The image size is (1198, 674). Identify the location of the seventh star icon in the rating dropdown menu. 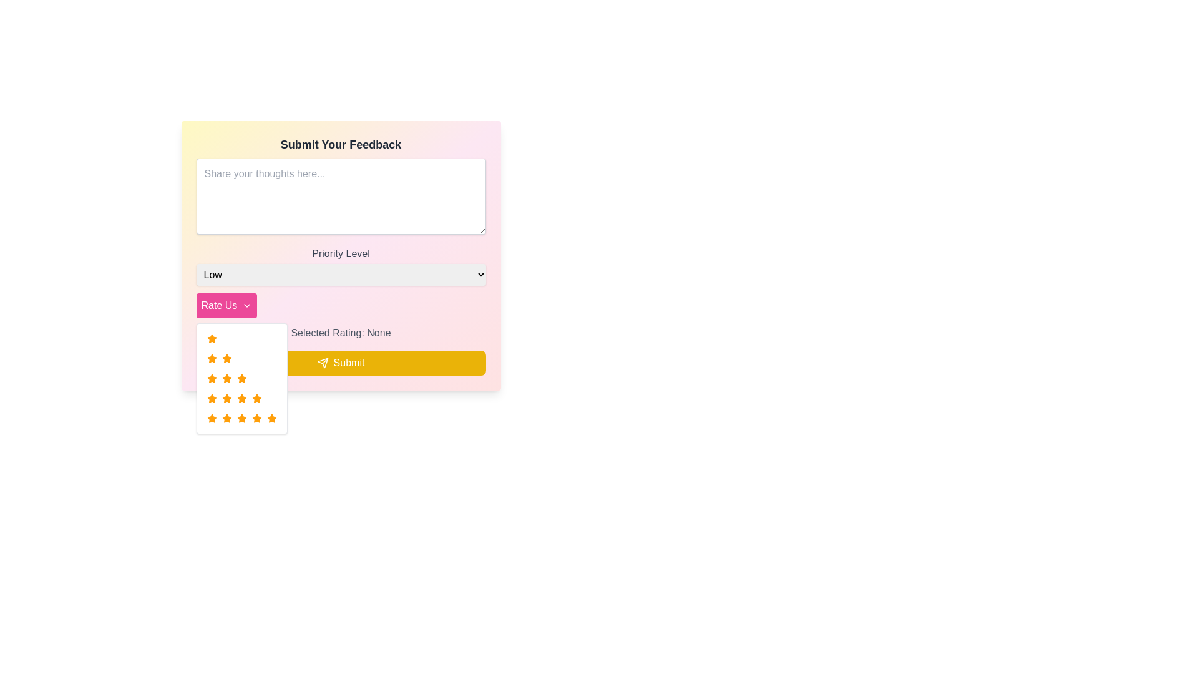
(226, 398).